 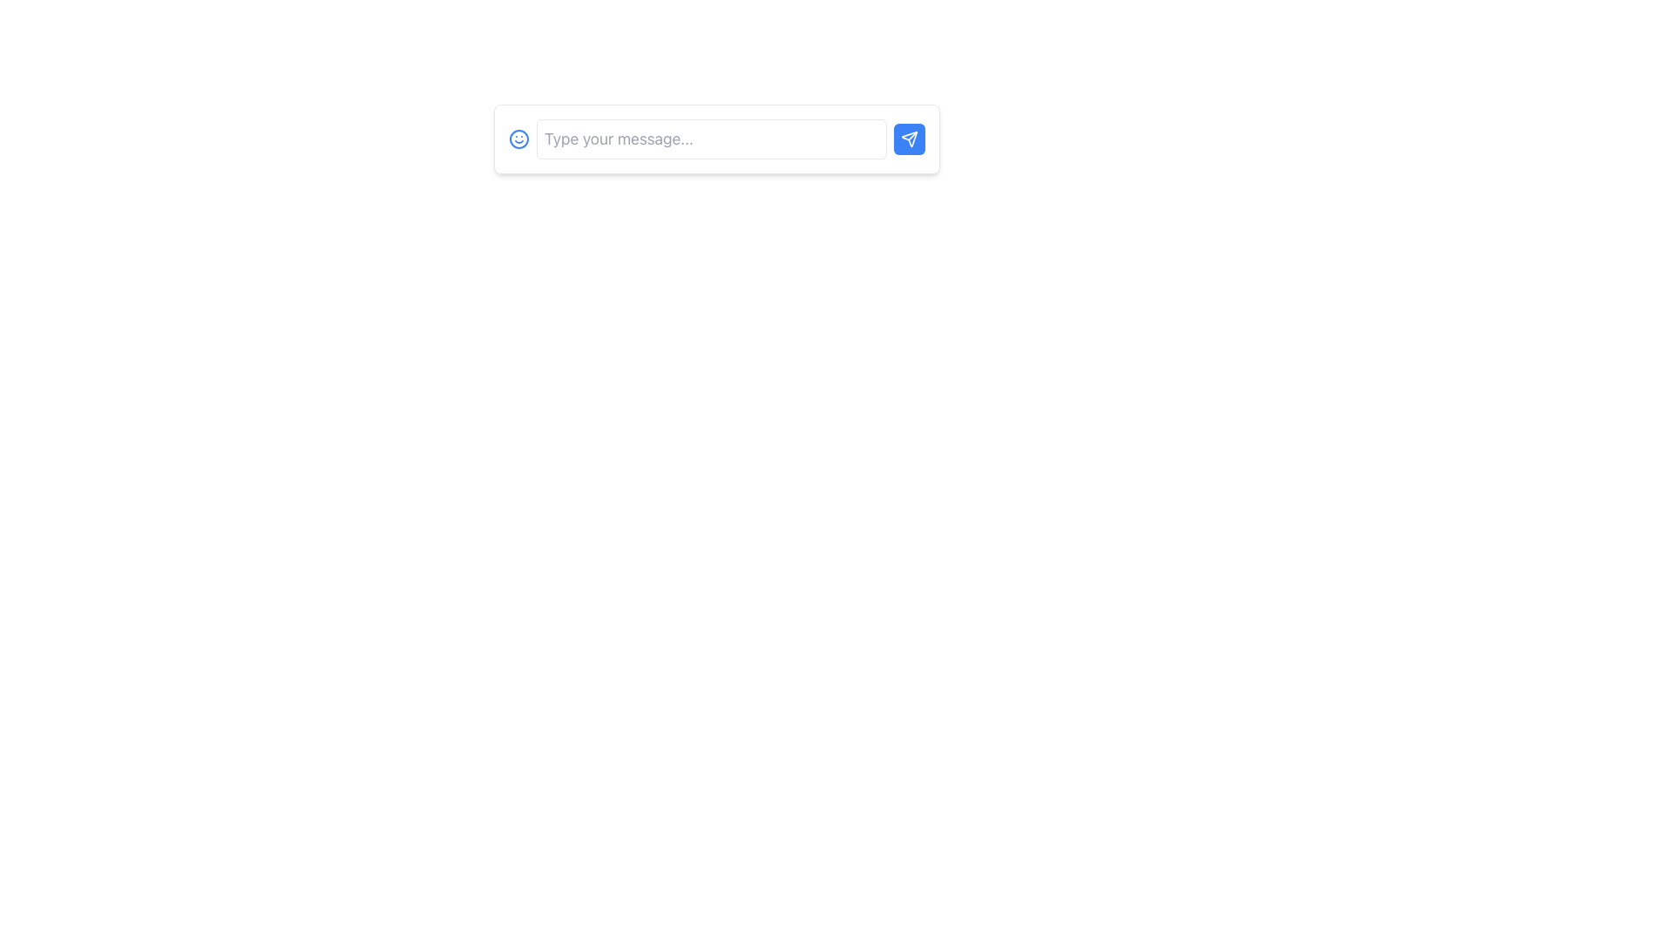 I want to click on the outer ring of the smiley icon, which is a circular SVG element positioned to the left of the input text field, so click(x=518, y=138).